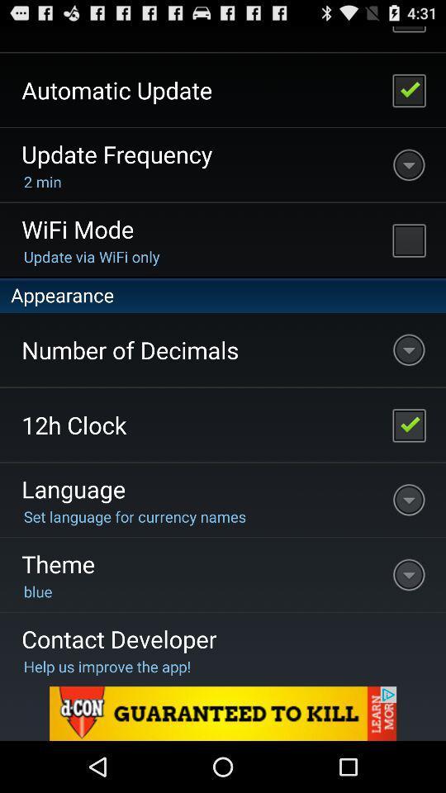 Image resolution: width=446 pixels, height=793 pixels. Describe the element at coordinates (408, 239) in the screenshot. I see `turn on wifi mode` at that location.